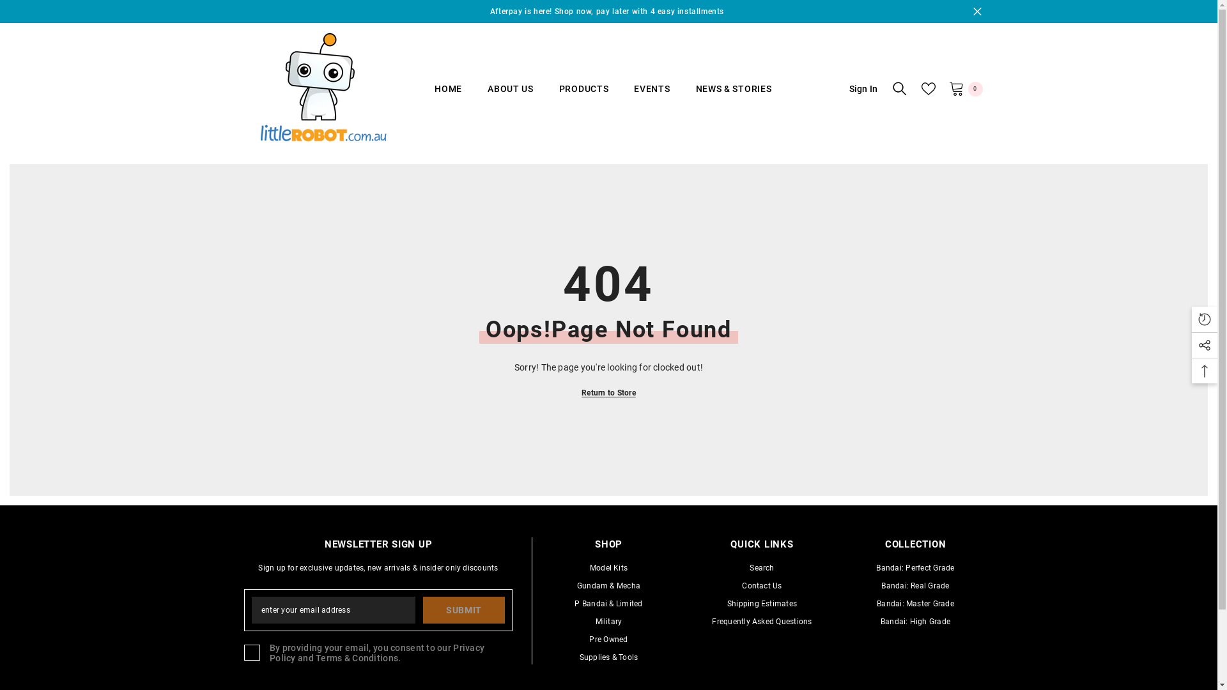 Image resolution: width=1227 pixels, height=690 pixels. What do you see at coordinates (856, 88) in the screenshot?
I see `'Sign In'` at bounding box center [856, 88].